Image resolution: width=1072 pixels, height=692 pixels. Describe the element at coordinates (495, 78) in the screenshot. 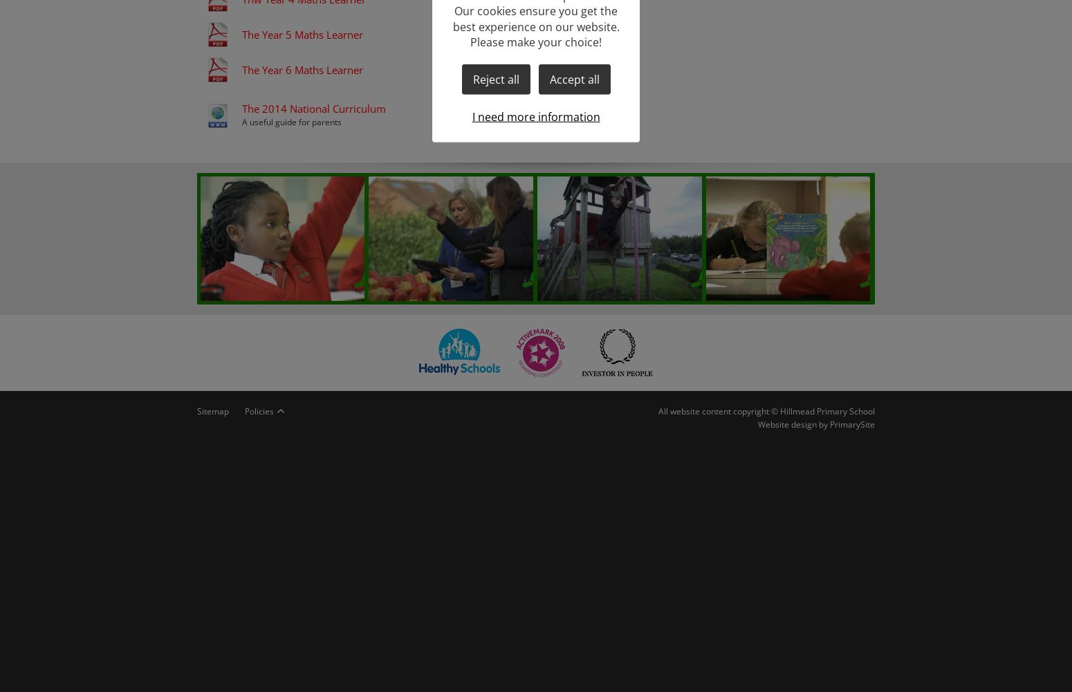

I see `'Reject all'` at that location.